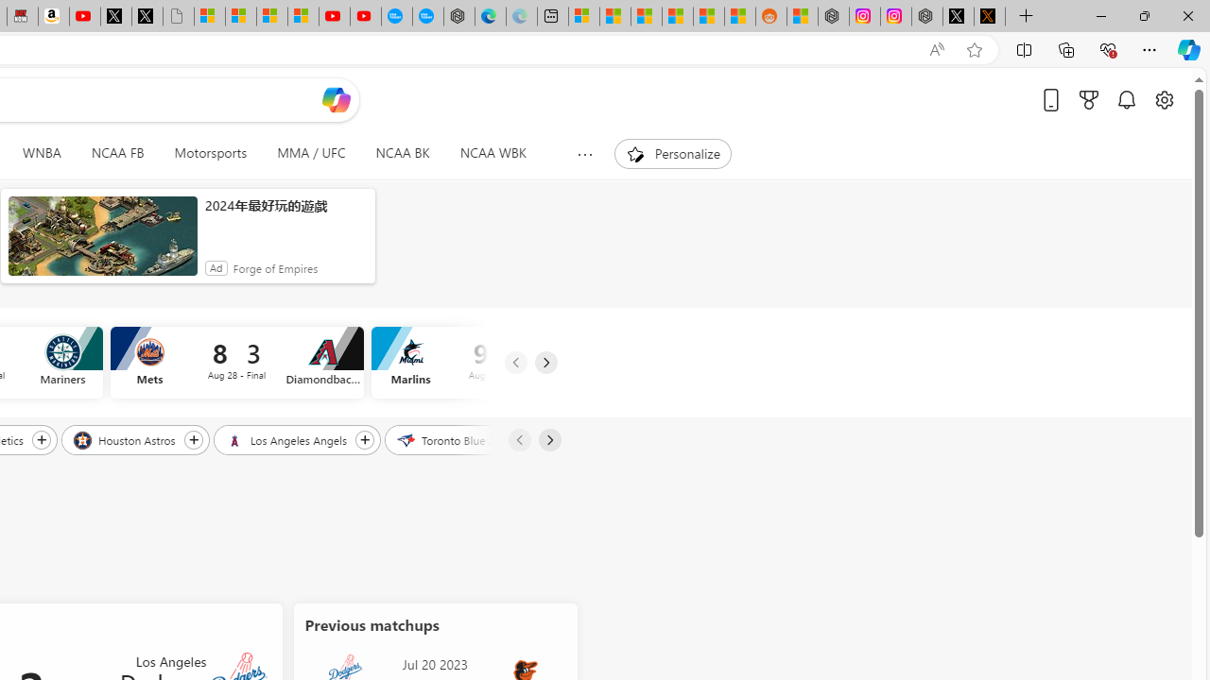 Image resolution: width=1210 pixels, height=680 pixels. What do you see at coordinates (989, 16) in the screenshot?
I see `'help.x.com | 524: A timeout occurred'` at bounding box center [989, 16].